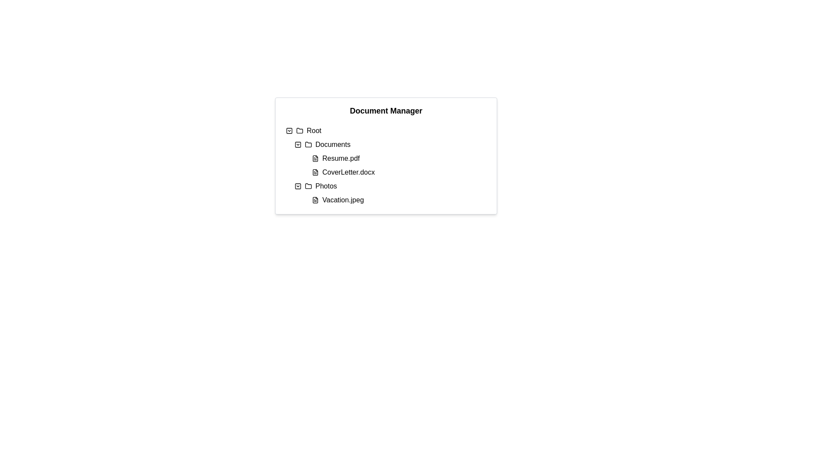 This screenshot has width=833, height=468. Describe the element at coordinates (300, 130) in the screenshot. I see `the folder icon, which is a lightweight, outlined shape with rounded edges, located next to the 'Root' label` at that location.